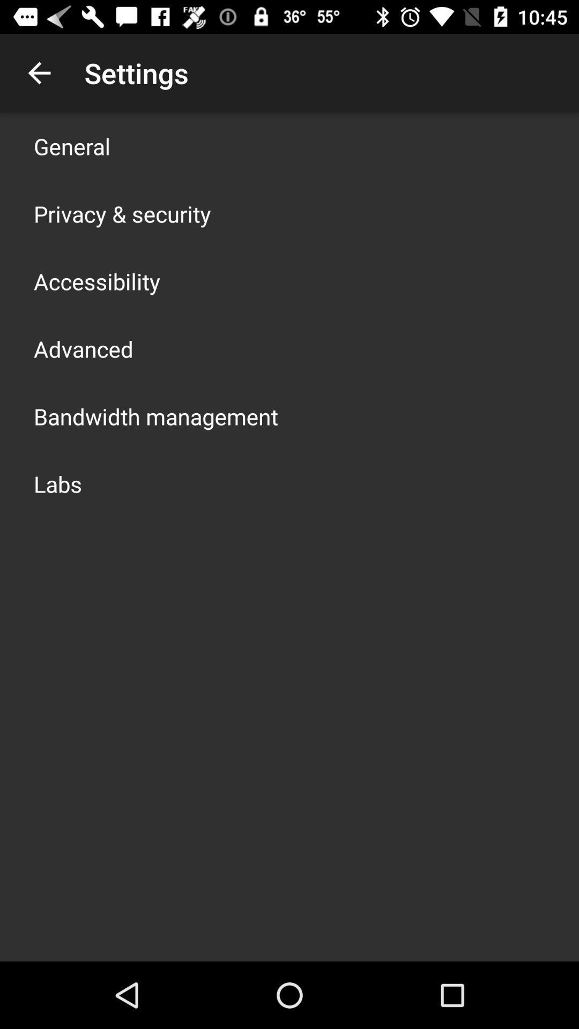  Describe the element at coordinates (39, 72) in the screenshot. I see `icon next to the settings item` at that location.